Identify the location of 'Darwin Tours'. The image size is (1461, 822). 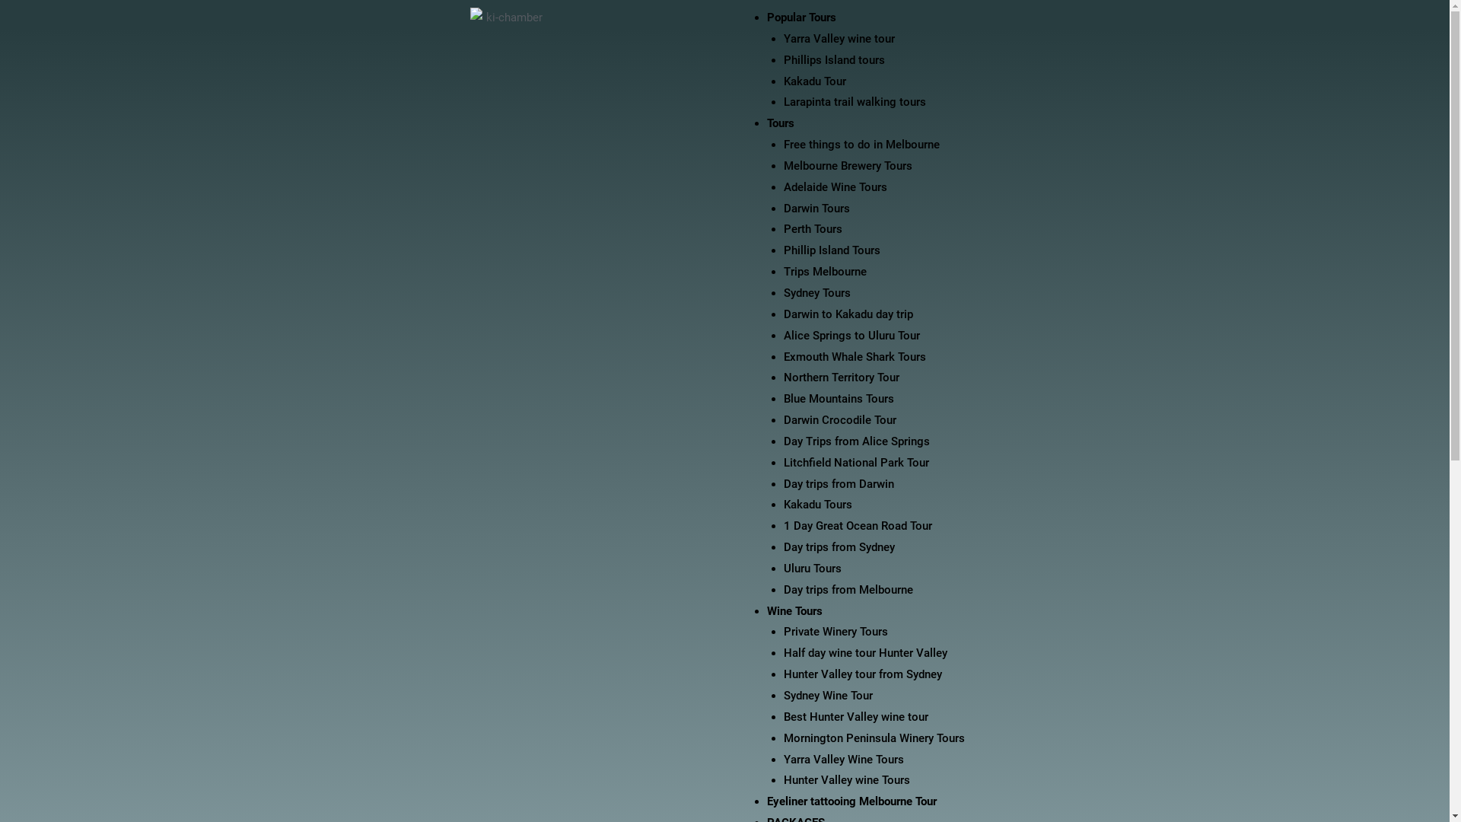
(784, 208).